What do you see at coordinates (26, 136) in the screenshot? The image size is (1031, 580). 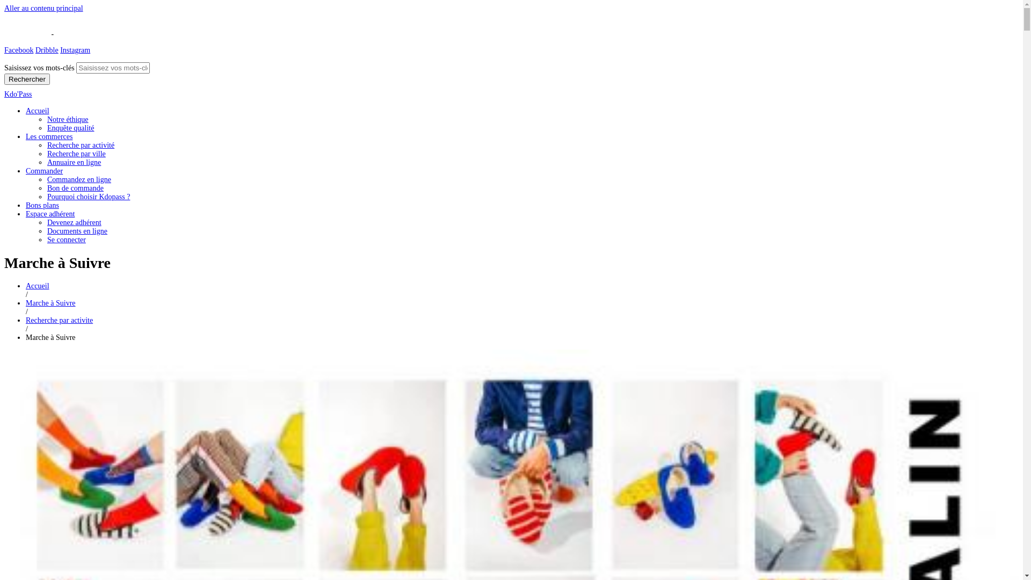 I see `'Les commerces'` at bounding box center [26, 136].